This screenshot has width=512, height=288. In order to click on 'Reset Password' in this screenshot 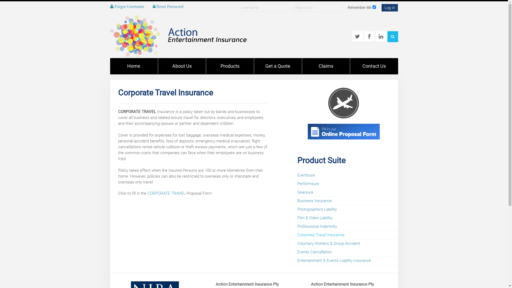, I will do `click(168, 6)`.